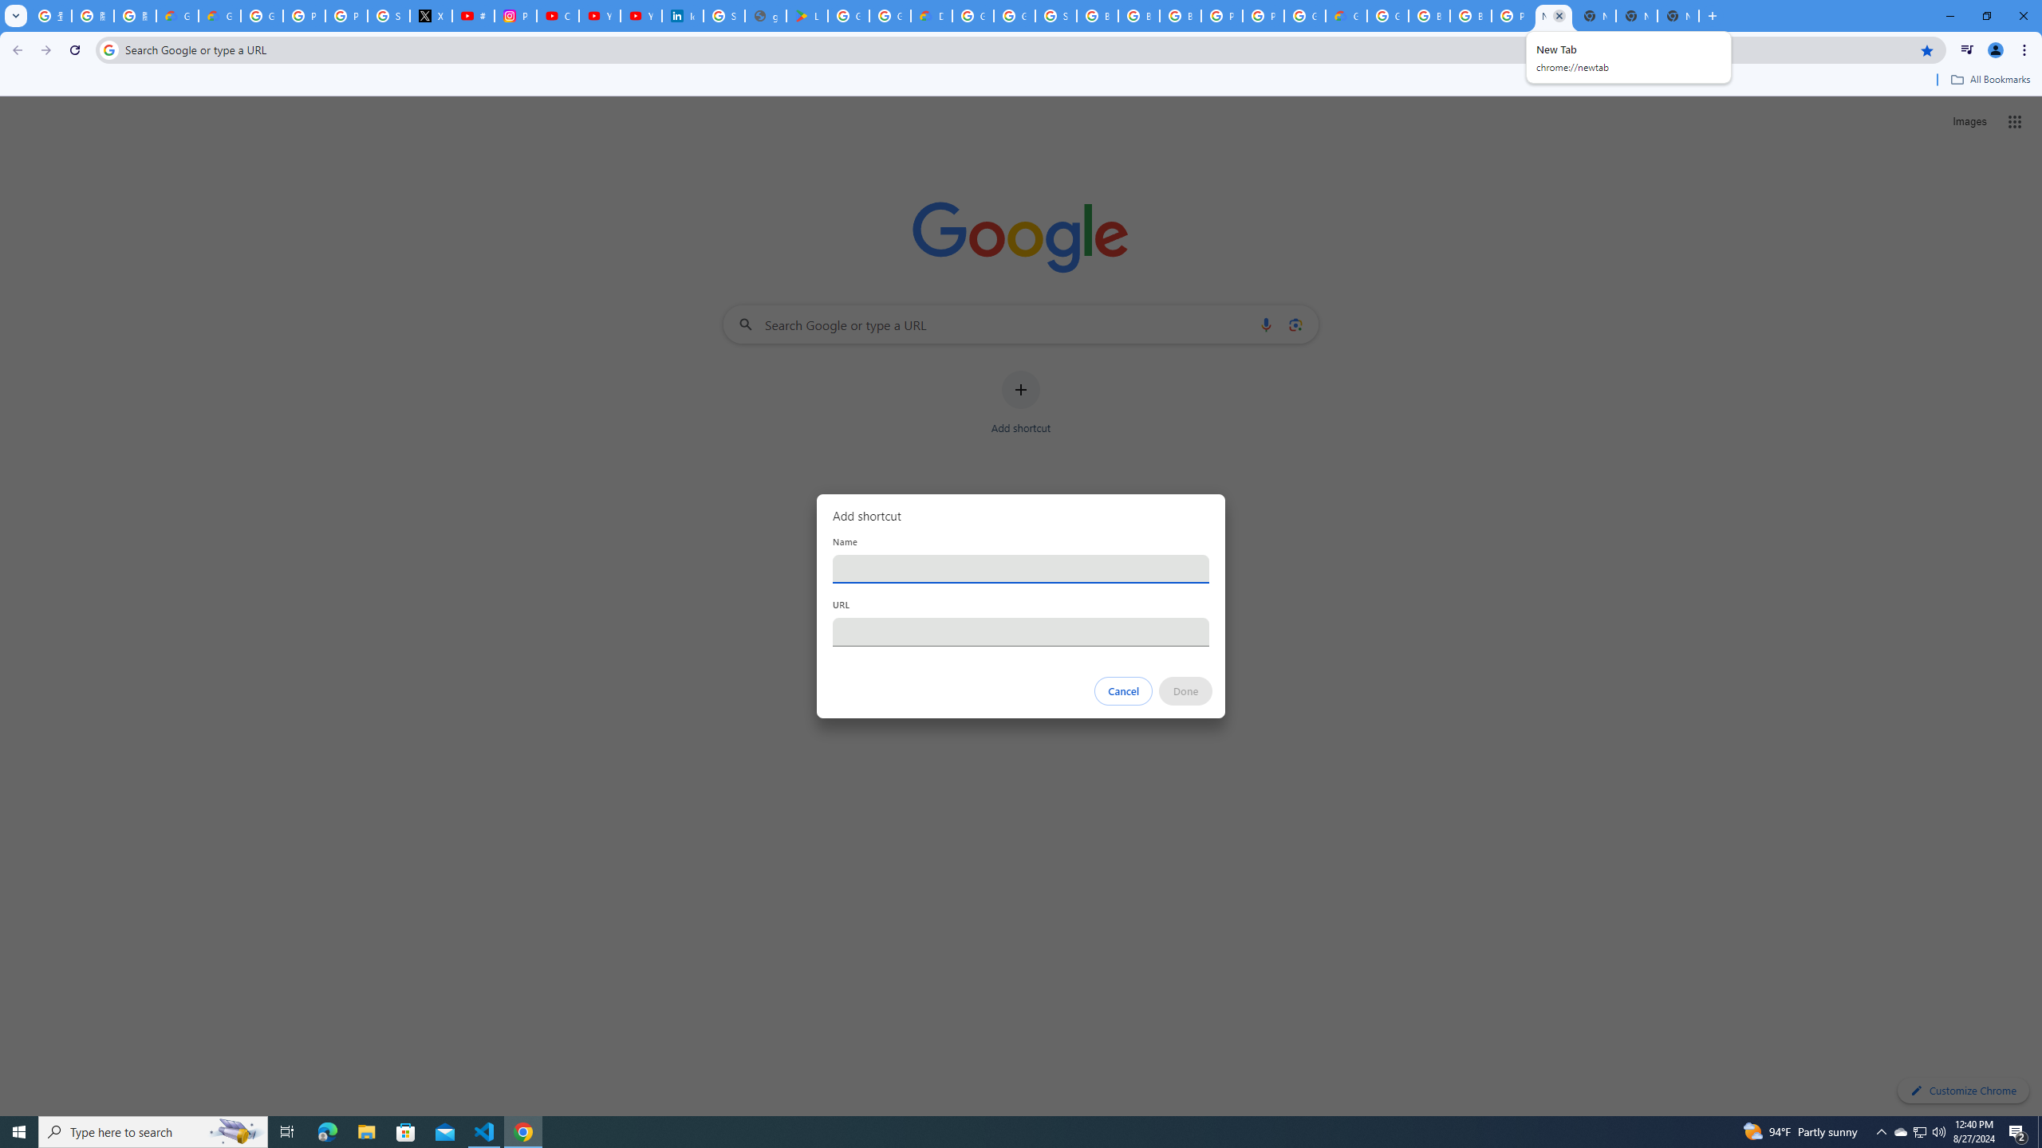 Image resolution: width=2042 pixels, height=1148 pixels. Describe the element at coordinates (219, 15) in the screenshot. I see `'Google Cloud Privacy Notice'` at that location.